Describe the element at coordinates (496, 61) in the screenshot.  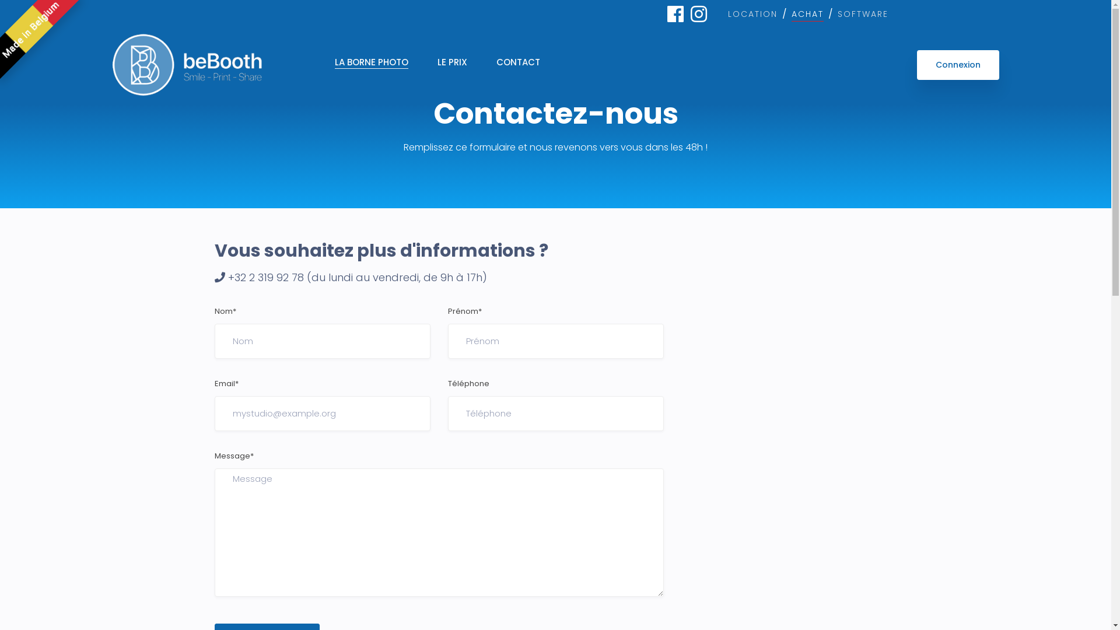
I see `'CONTACT'` at that location.